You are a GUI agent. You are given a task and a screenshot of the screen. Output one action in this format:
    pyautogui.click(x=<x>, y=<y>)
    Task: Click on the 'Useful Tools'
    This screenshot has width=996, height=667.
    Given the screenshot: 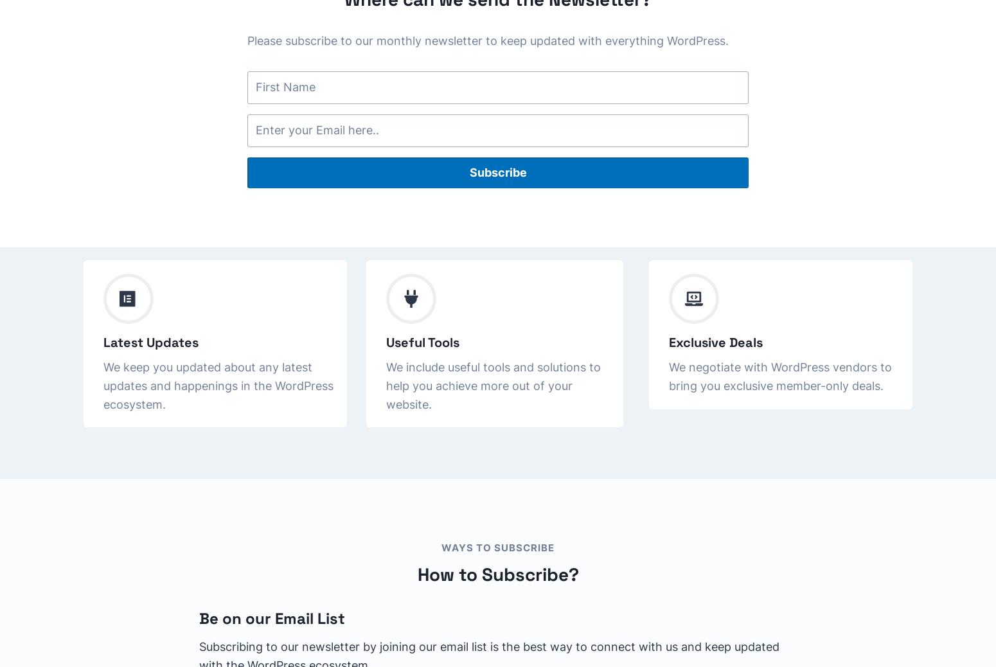 What is the action you would take?
    pyautogui.click(x=422, y=342)
    